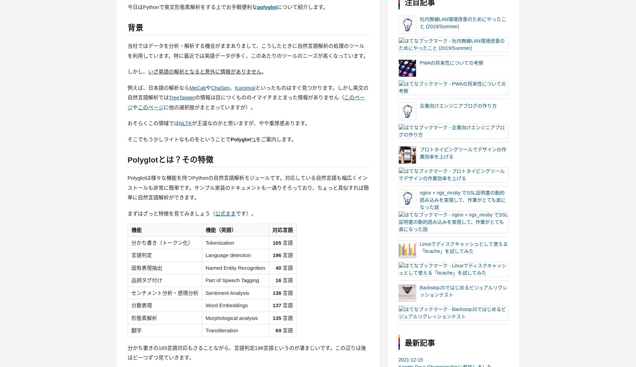 The image size is (636, 367). Describe the element at coordinates (168, 97) in the screenshot. I see `'TreeTagger'` at that location.